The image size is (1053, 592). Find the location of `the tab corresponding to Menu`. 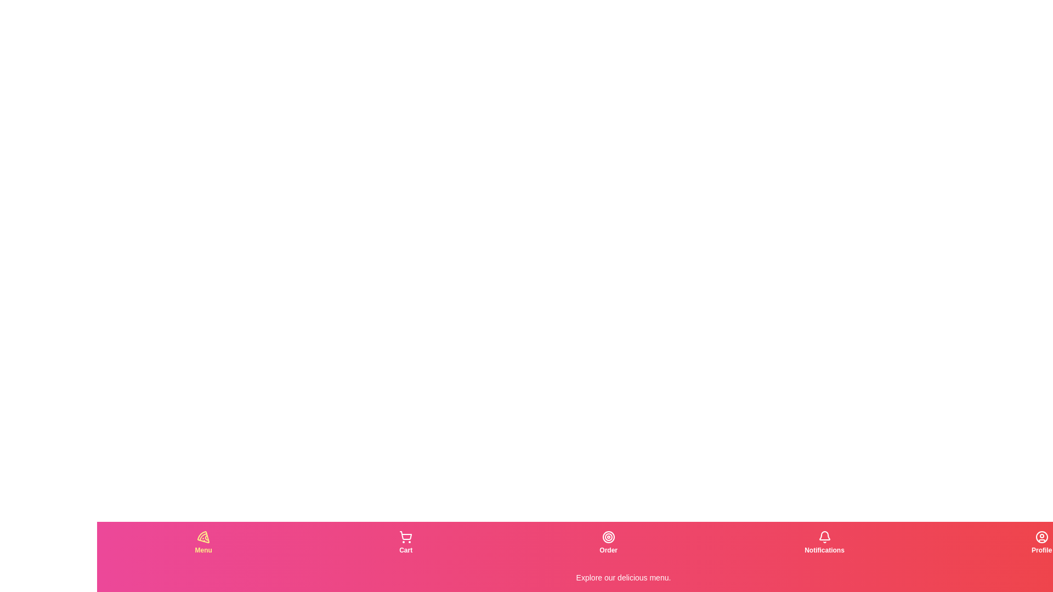

the tab corresponding to Menu is located at coordinates (203, 543).